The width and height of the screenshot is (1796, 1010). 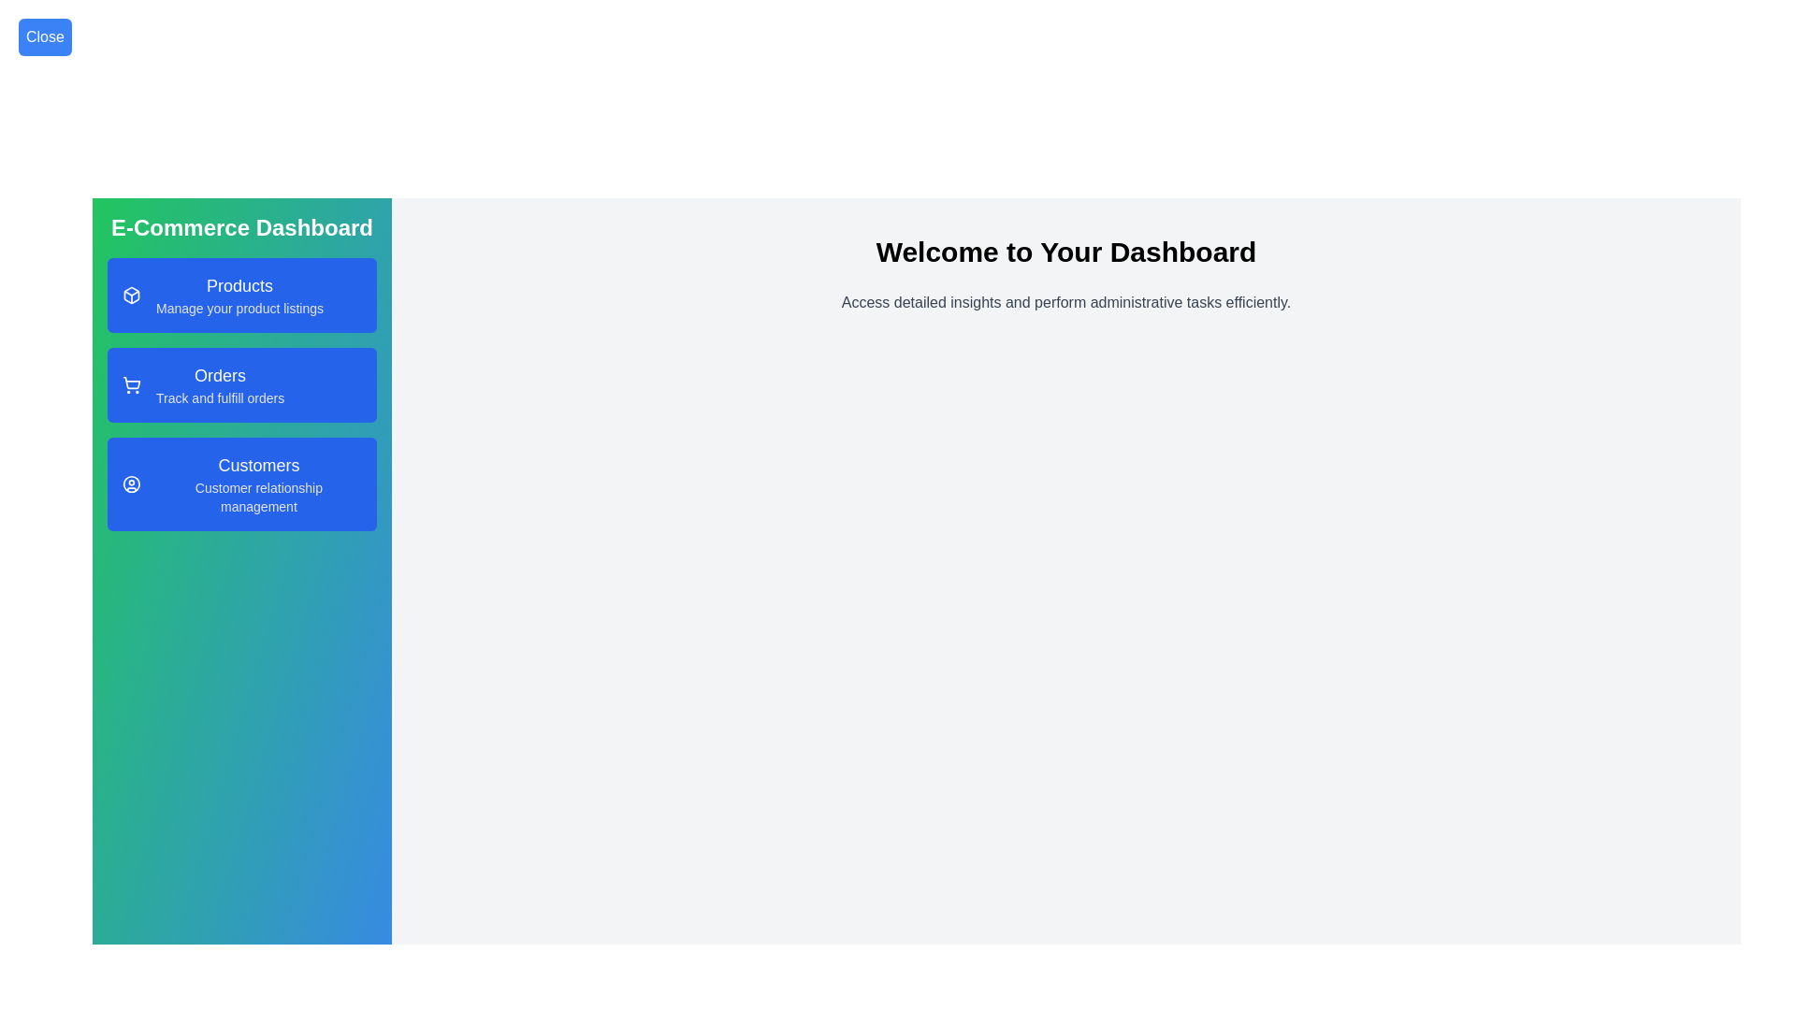 What do you see at coordinates (241, 483) in the screenshot?
I see `the Customers section from the sidebar` at bounding box center [241, 483].